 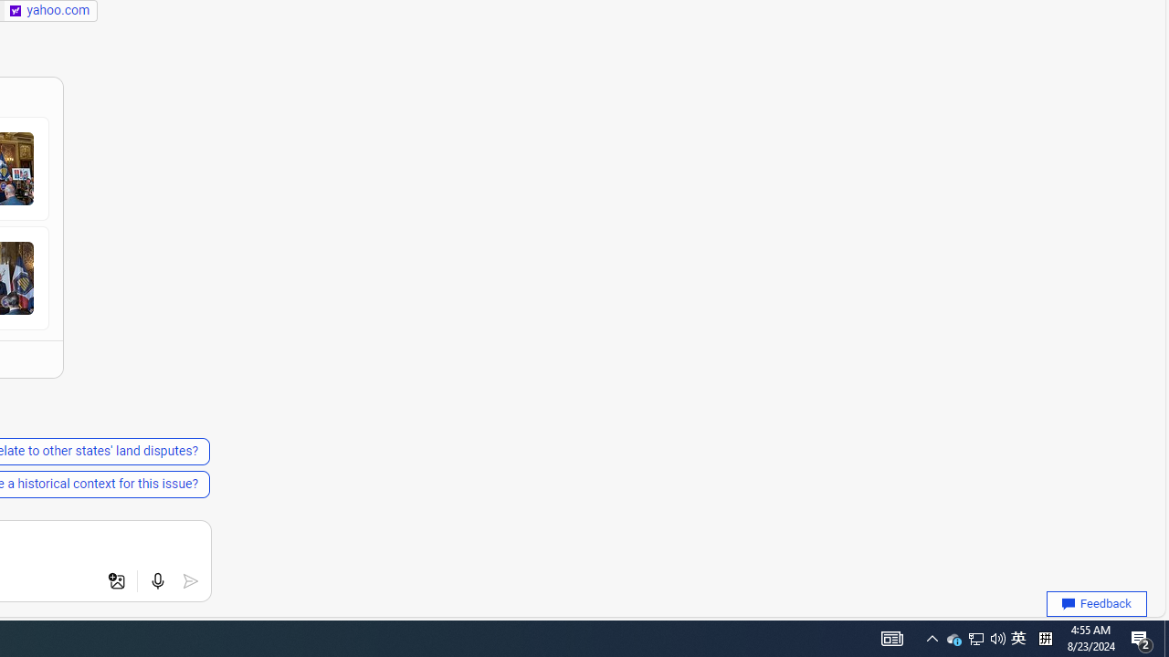 What do you see at coordinates (157, 581) in the screenshot?
I see `'Use microphone'` at bounding box center [157, 581].